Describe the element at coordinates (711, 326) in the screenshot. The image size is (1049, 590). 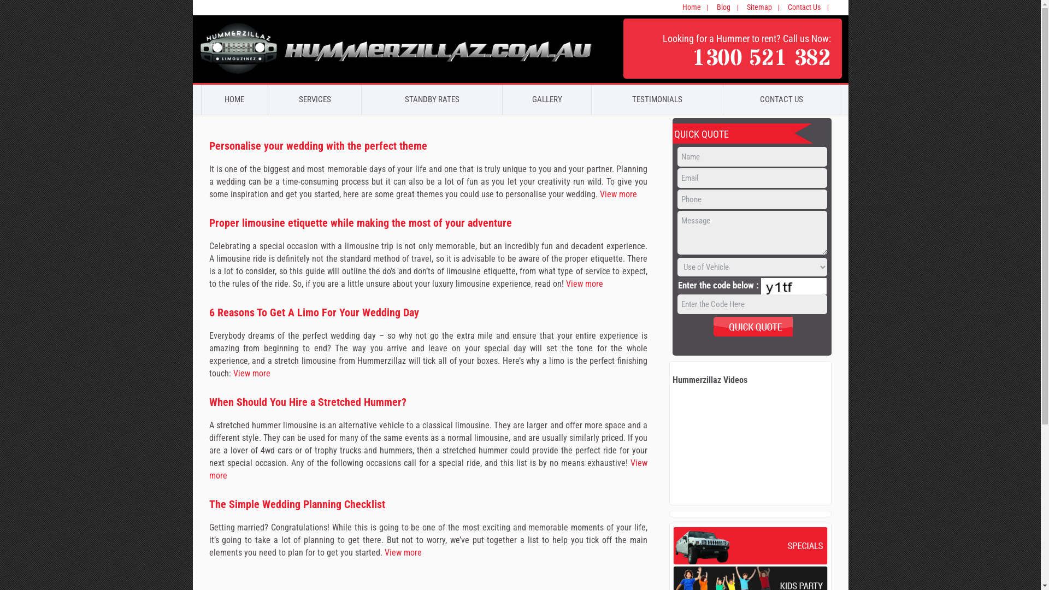
I see `'Send'` at that location.